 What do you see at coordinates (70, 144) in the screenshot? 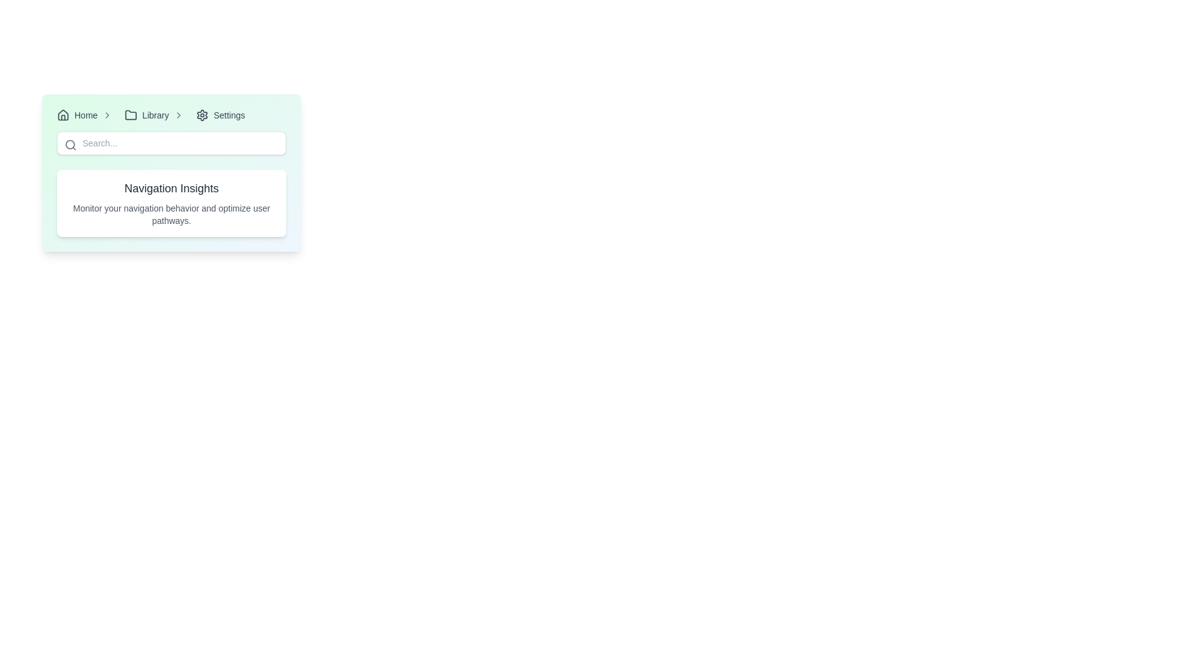
I see `the SVG circle that is part of the search icon located near the top-left corner of the interface, underneath the main navigation bar` at bounding box center [70, 144].